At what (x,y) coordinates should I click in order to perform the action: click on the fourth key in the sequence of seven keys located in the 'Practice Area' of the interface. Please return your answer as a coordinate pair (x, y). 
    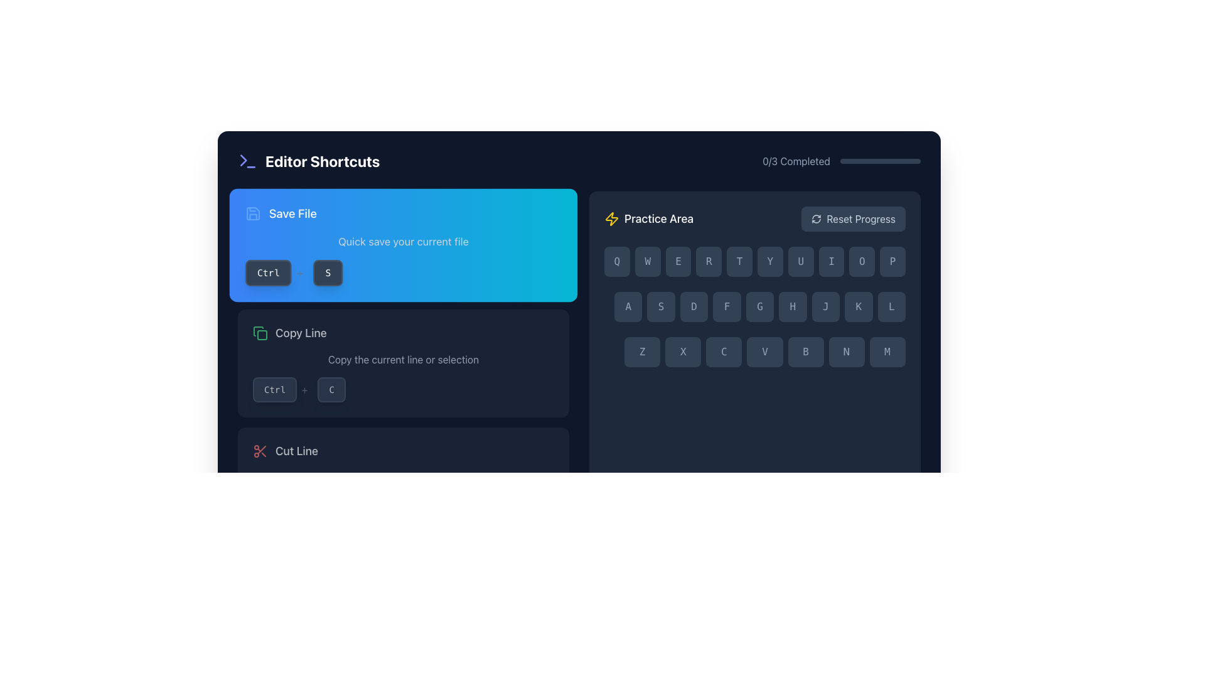
    Looking at the image, I should click on (764, 352).